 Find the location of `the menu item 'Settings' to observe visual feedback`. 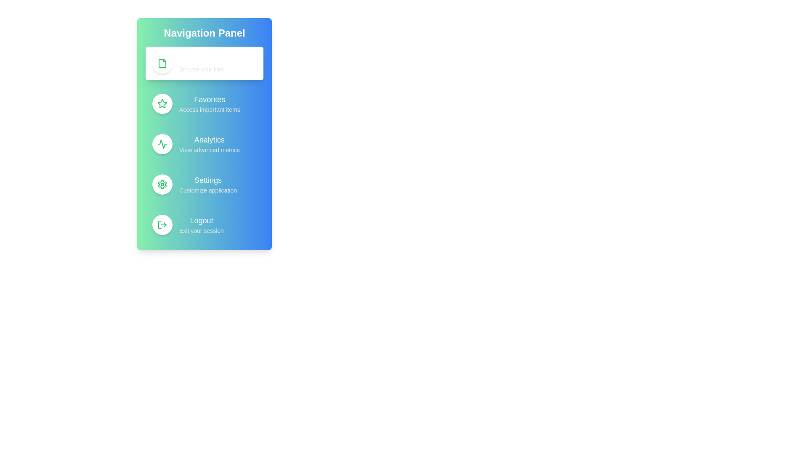

the menu item 'Settings' to observe visual feedback is located at coordinates (204, 184).